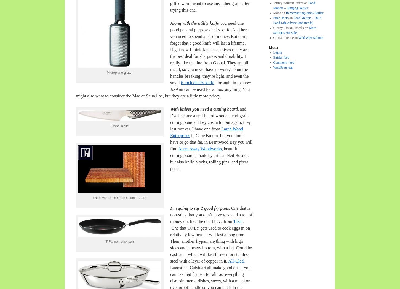  Describe the element at coordinates (304, 12) in the screenshot. I see `'Remembering James Barber'` at that location.